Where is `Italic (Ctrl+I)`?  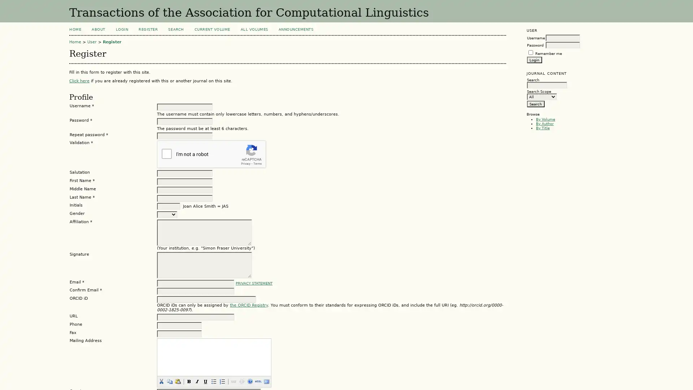 Italic (Ctrl+I) is located at coordinates (197, 381).